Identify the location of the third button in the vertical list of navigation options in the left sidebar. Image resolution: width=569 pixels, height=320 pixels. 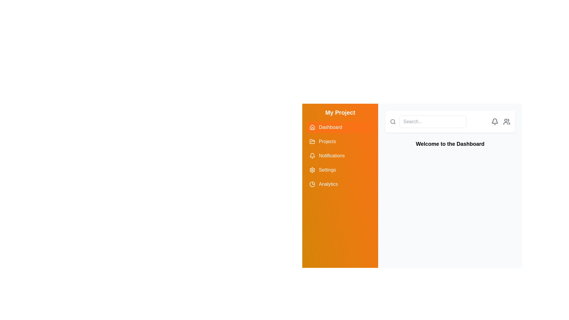
(340, 155).